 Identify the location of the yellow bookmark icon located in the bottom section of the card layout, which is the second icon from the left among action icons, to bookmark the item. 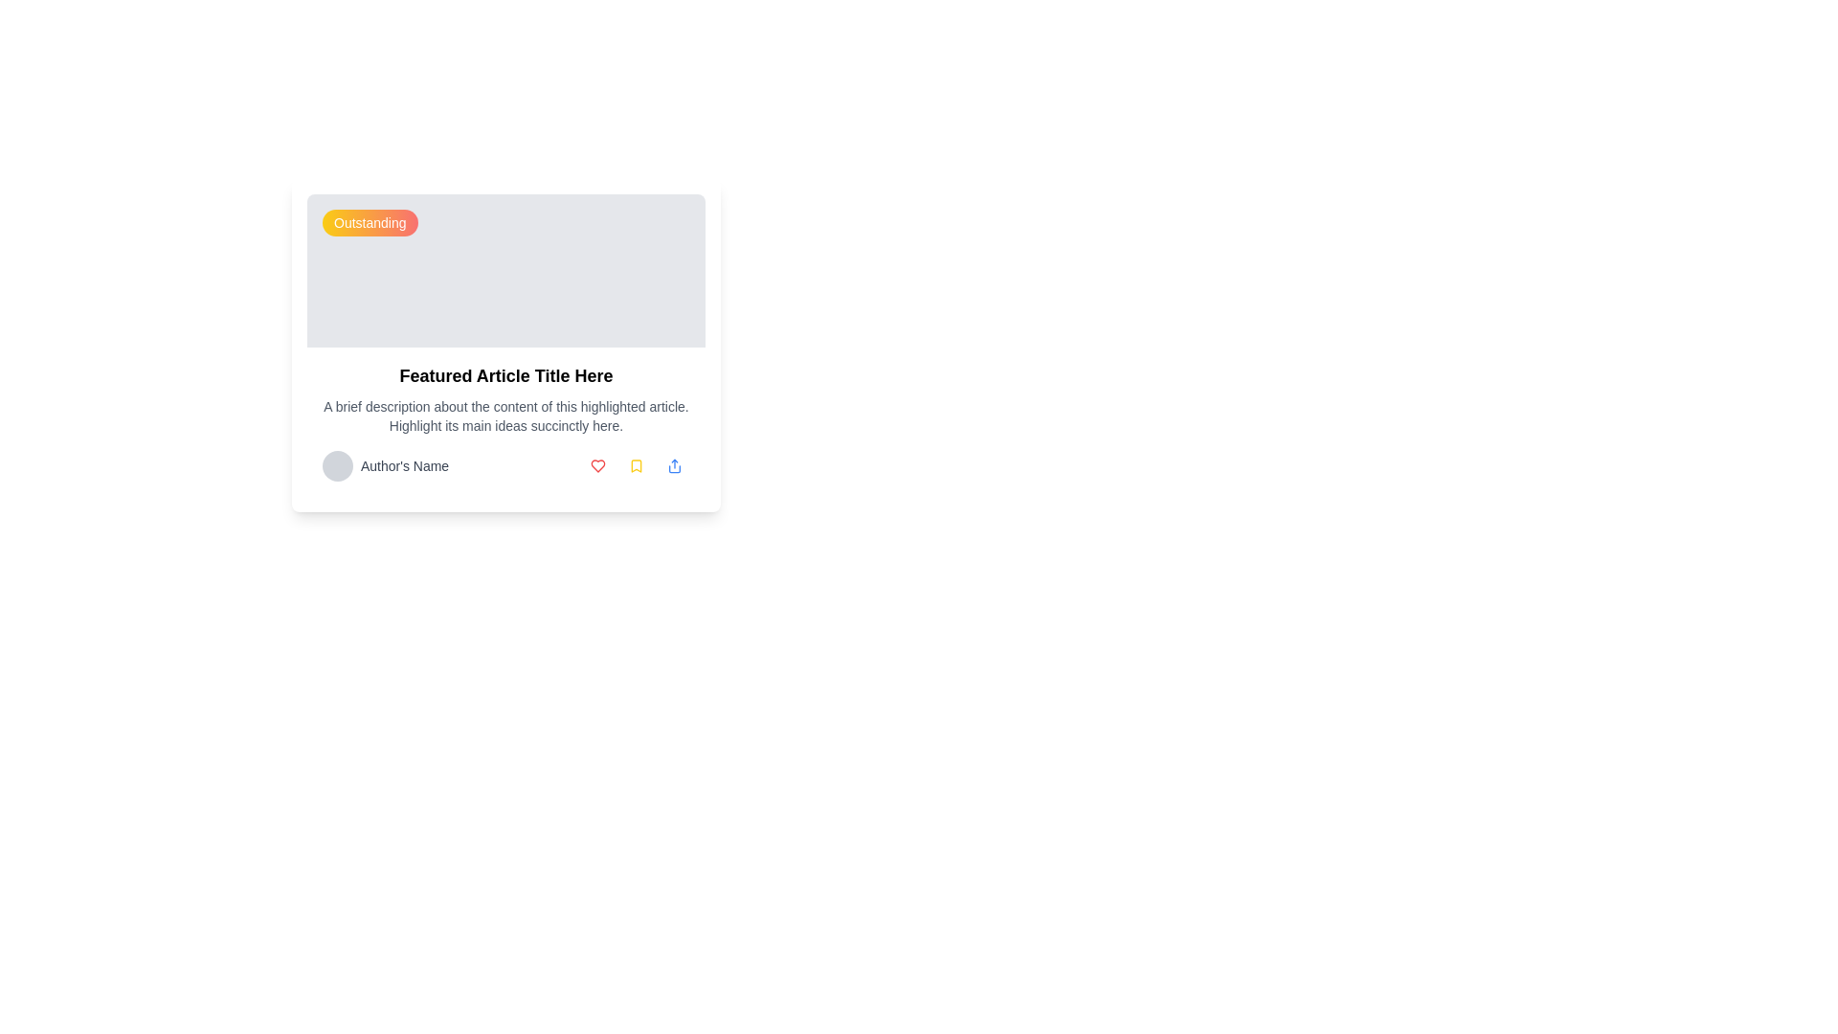
(637, 465).